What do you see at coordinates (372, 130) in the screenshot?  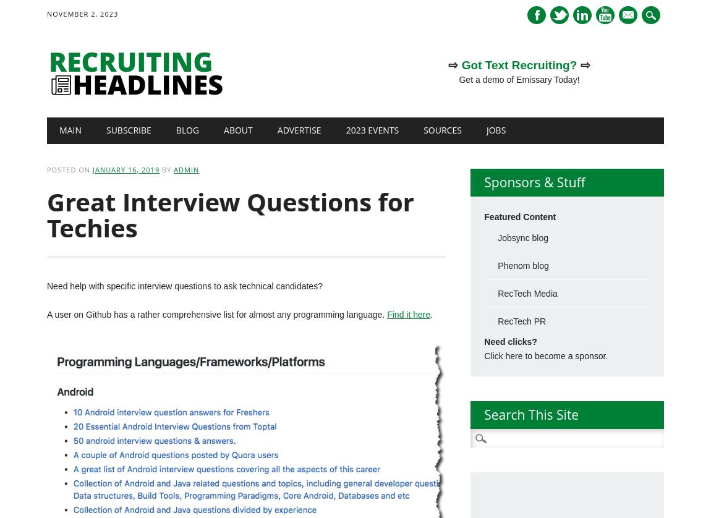 I see `'2023 Events'` at bounding box center [372, 130].